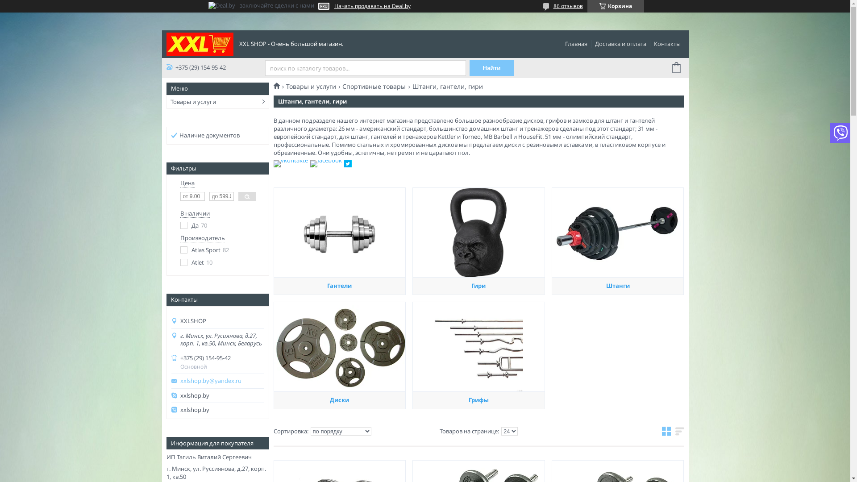 This screenshot has width=857, height=482. I want to click on 'xxlshop.by@yandex.ru', so click(222, 381).